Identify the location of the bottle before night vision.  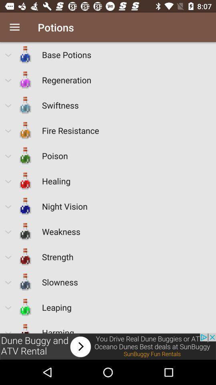
(25, 206).